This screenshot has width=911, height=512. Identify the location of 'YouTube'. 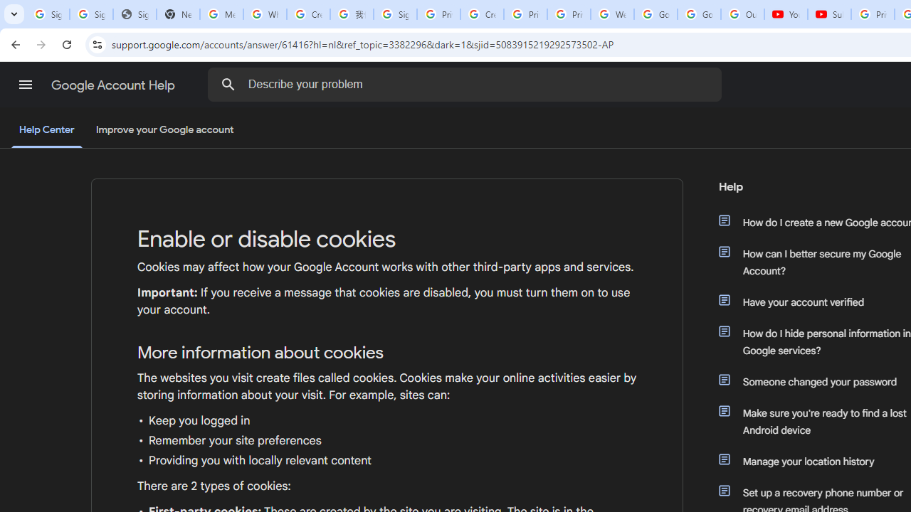
(785, 14).